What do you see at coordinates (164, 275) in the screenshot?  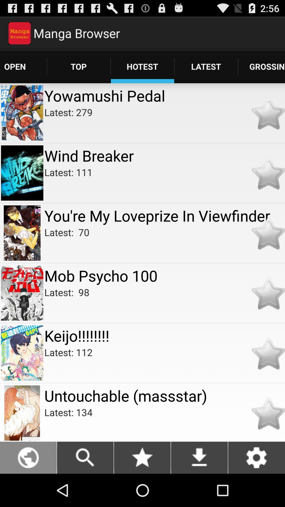 I see `the icon above latest:  98 app` at bounding box center [164, 275].